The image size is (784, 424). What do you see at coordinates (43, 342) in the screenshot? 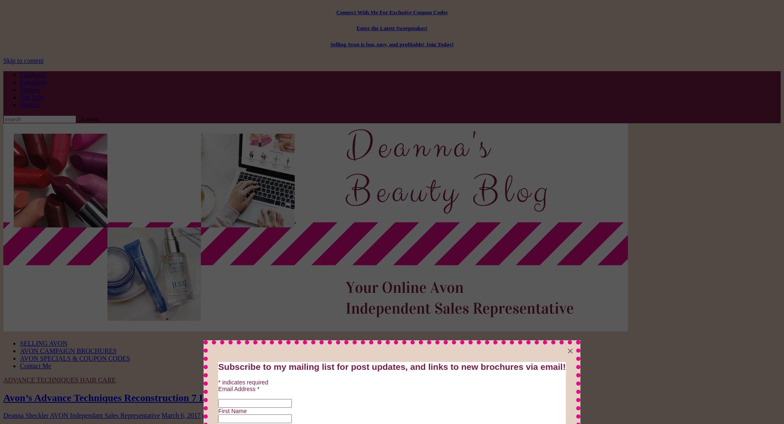
I see `'SELLING AVON'` at bounding box center [43, 342].